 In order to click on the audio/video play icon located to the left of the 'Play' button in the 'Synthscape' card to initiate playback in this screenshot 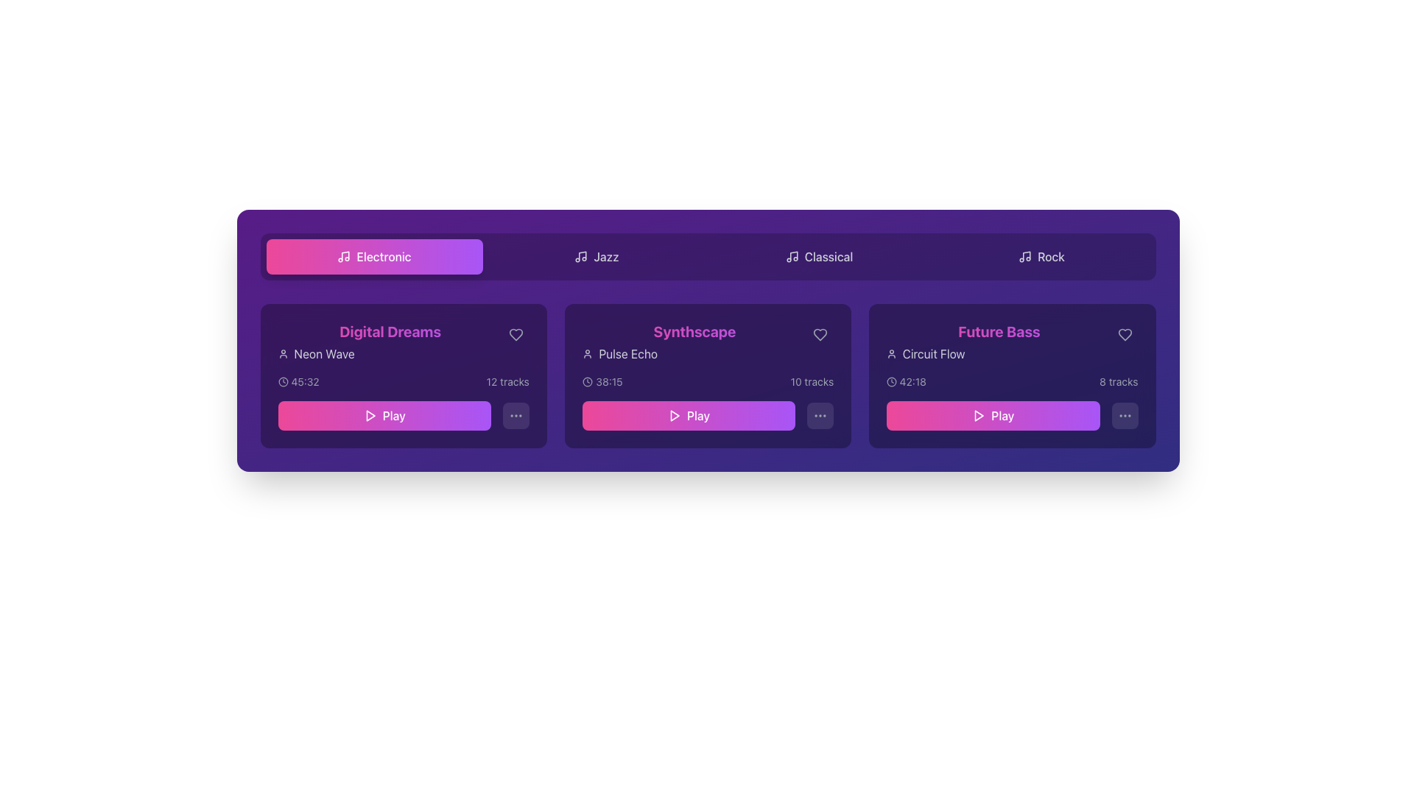, I will do `click(673, 415)`.